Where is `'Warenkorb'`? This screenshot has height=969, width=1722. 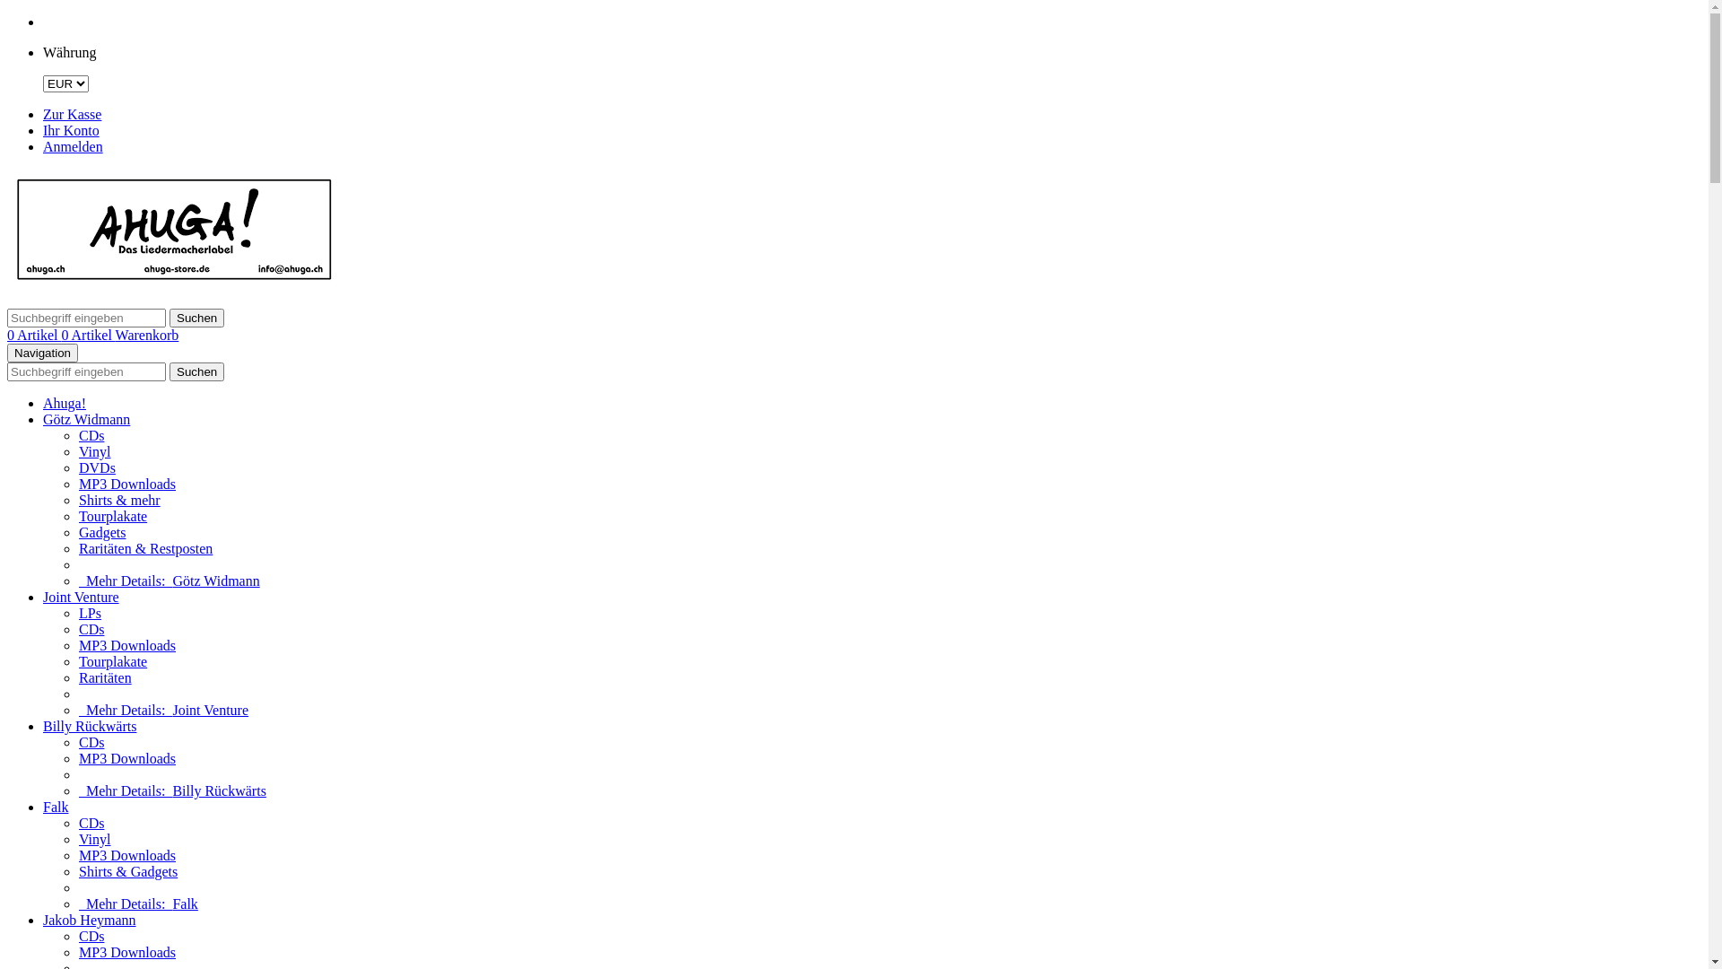
'Warenkorb' is located at coordinates (147, 335).